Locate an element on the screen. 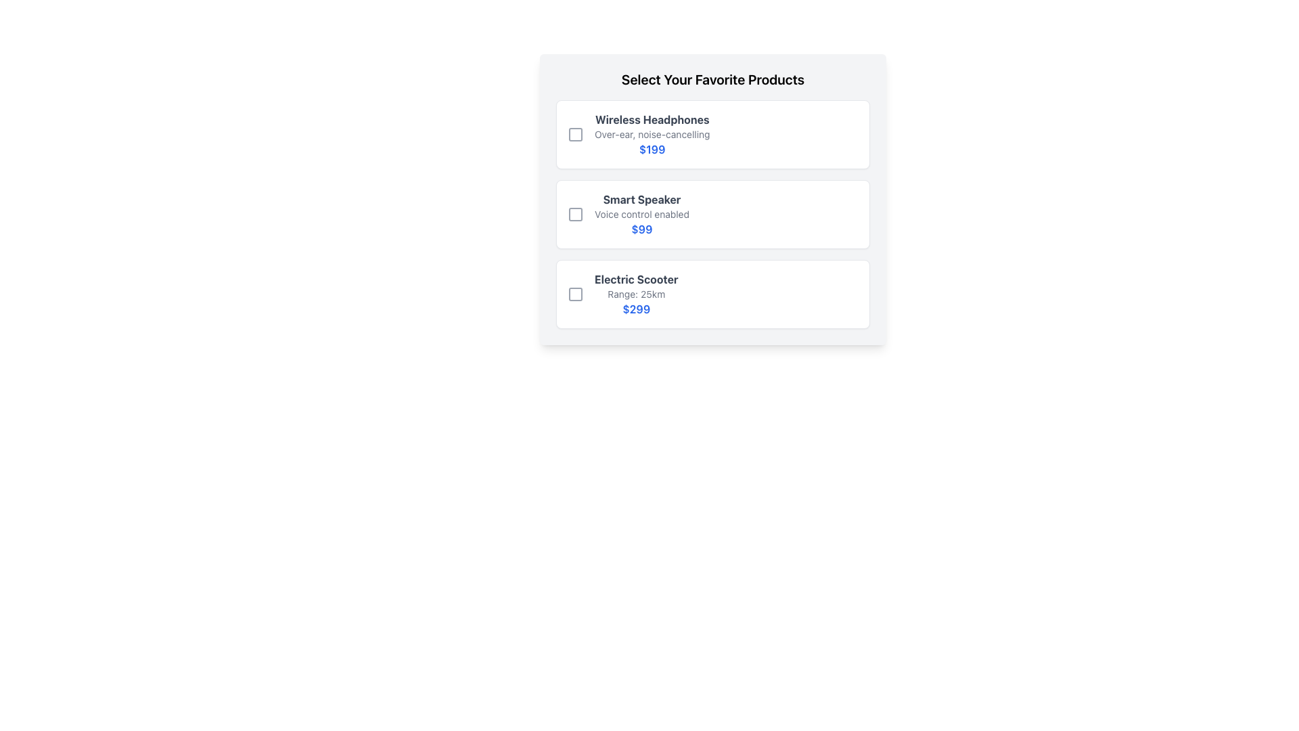 This screenshot has width=1299, height=731. the checkbox on the rectangular selection card labeled 'Smart Speaker' which is positioned as the second card in a vertical list is located at coordinates (712, 199).